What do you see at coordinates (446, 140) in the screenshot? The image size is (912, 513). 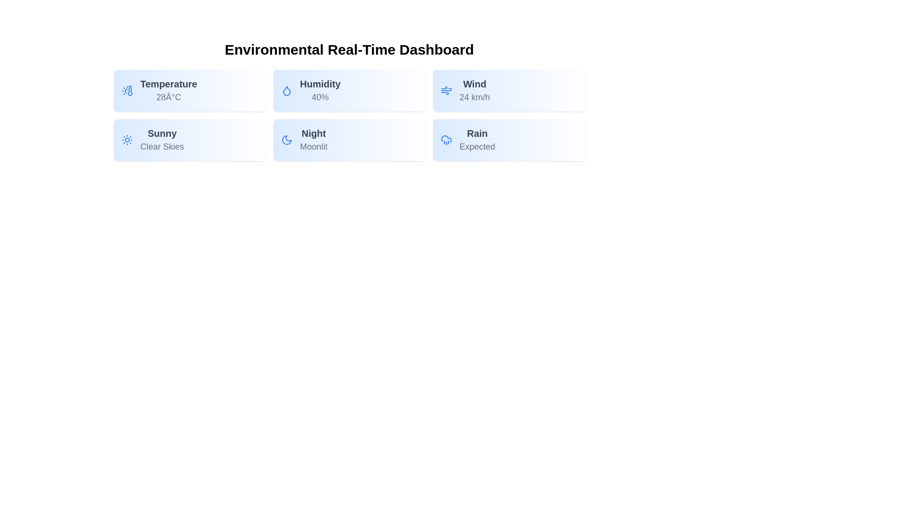 I see `the rain icon located centrally above the 'Rain Expected' text in the lower right corner of the dashboard interface` at bounding box center [446, 140].